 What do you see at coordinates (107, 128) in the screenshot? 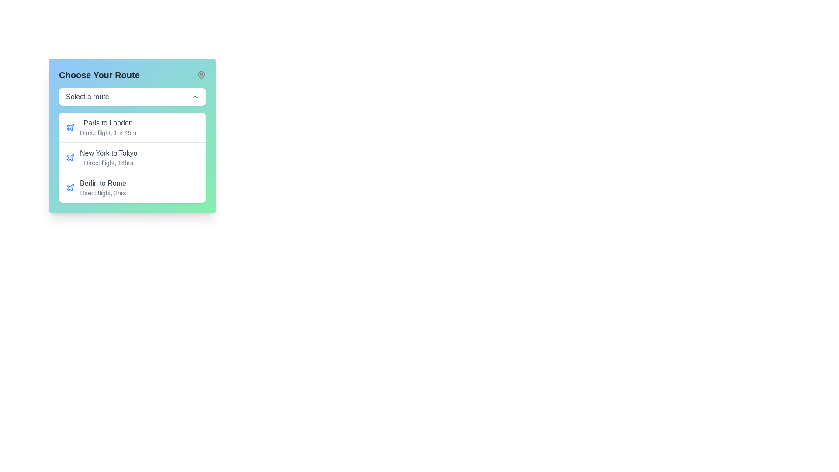
I see `the first flight option text label displaying 'Paris to London' and its details in the dropdown menu` at bounding box center [107, 128].